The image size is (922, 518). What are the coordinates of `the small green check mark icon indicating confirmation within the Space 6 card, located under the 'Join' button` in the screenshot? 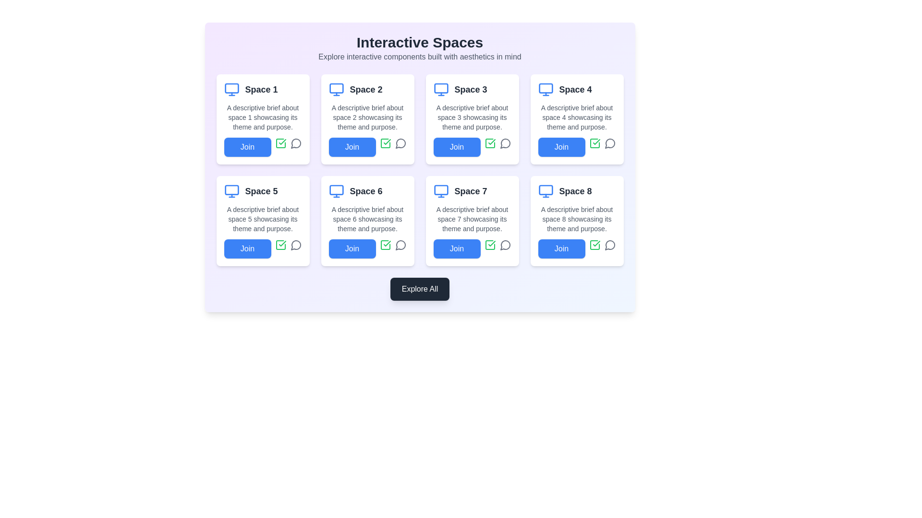 It's located at (387, 243).